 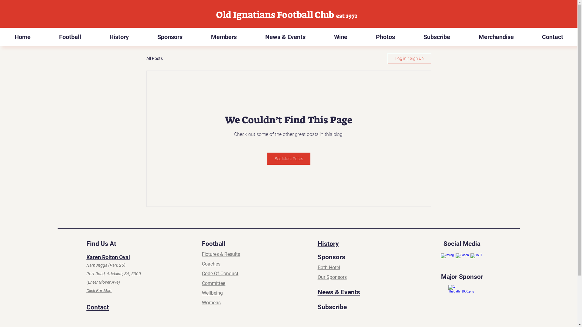 I want to click on 'Our Sponsors', so click(x=332, y=277).